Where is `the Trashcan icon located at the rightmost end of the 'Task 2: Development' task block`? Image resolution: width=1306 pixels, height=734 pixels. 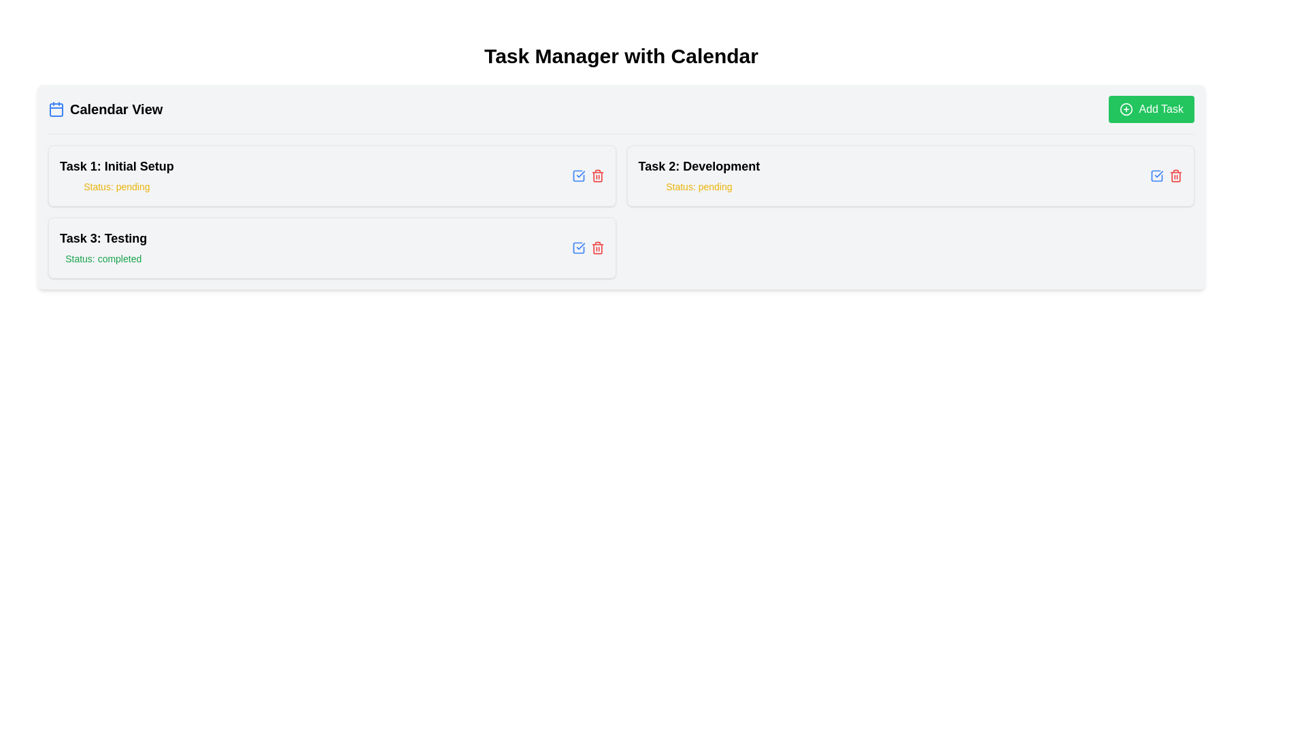
the Trashcan icon located at the rightmost end of the 'Task 2: Development' task block is located at coordinates (597, 249).